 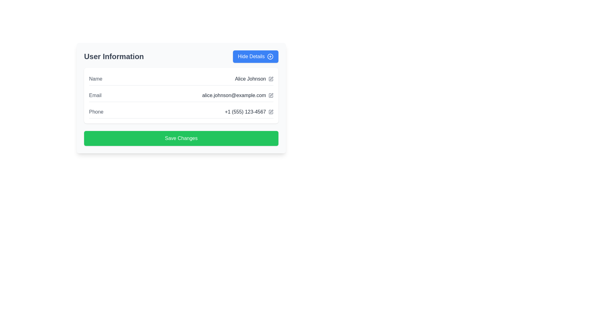 I want to click on the small square icon resembling a pen overlaying a document, located to the right of the email address 'alice.johnson@example.com', so click(x=271, y=96).